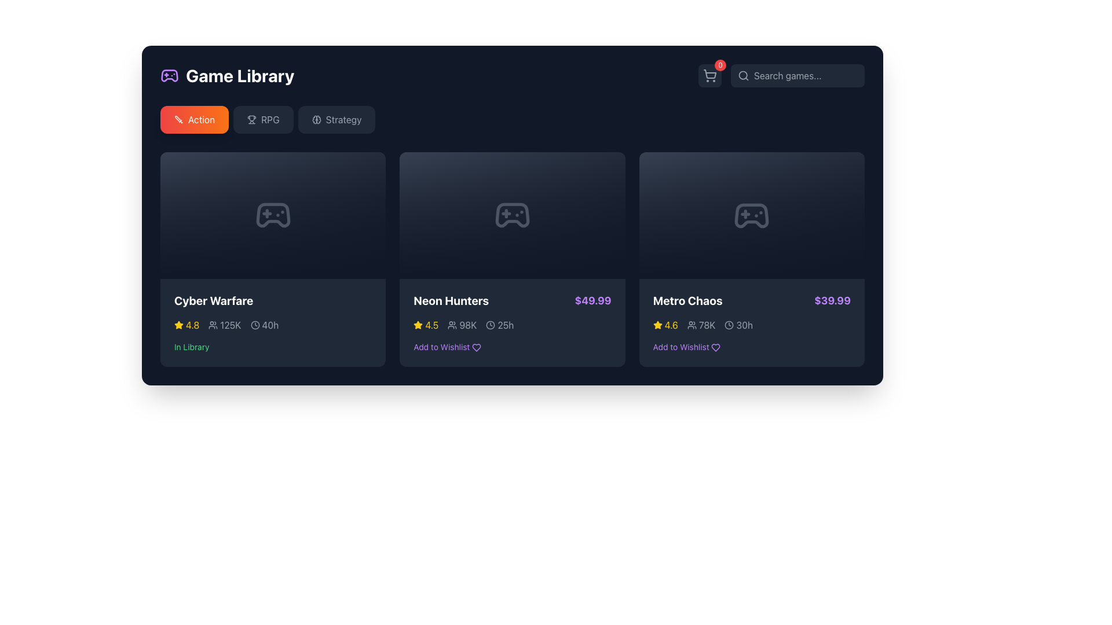 The width and height of the screenshot is (1112, 625). I want to click on the Iconographic graphic element located at the top-left corner of the interface, adjacent to the title 'Game Library', so click(319, 120).